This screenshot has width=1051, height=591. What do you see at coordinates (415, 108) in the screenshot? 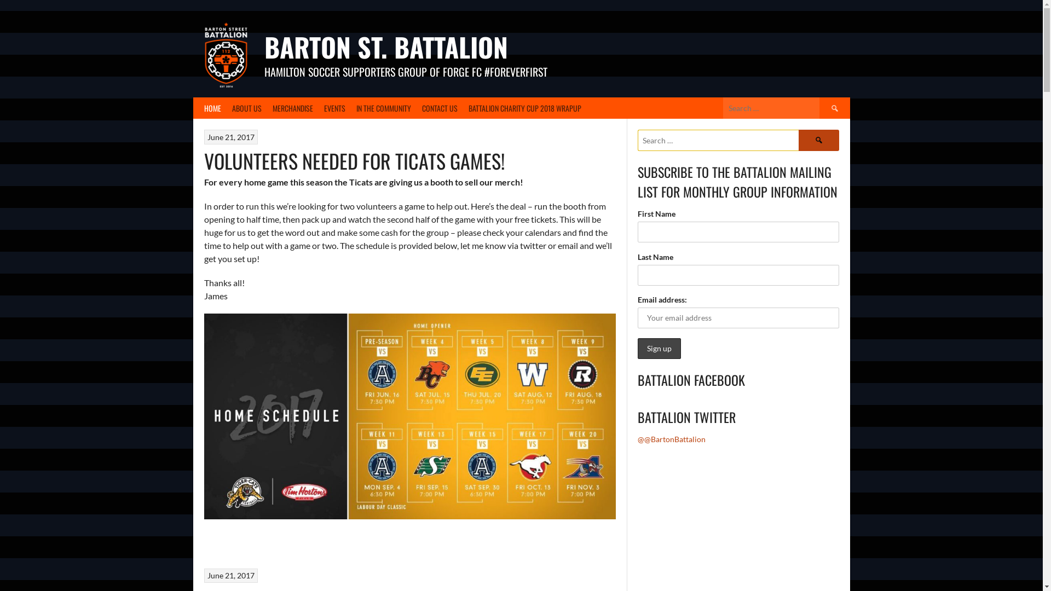
I see `'CONTACT US'` at bounding box center [415, 108].